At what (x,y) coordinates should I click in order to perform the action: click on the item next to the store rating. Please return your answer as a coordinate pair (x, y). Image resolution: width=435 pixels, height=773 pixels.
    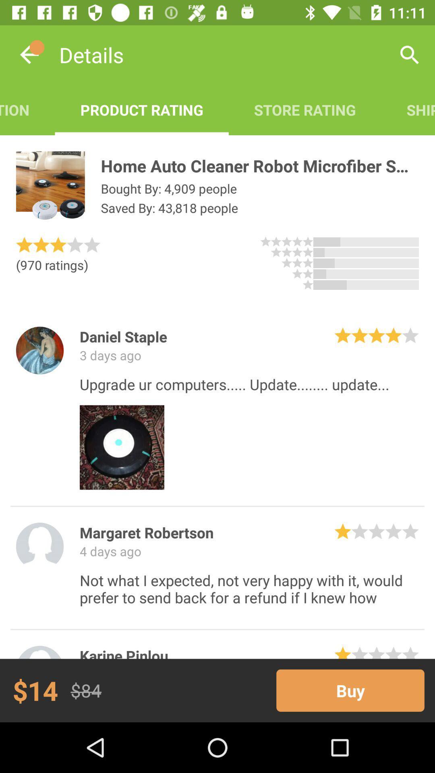
    Looking at the image, I should click on (408, 110).